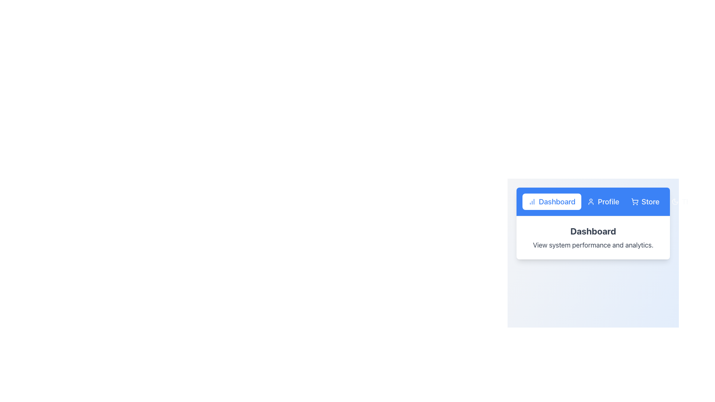 This screenshot has height=402, width=715. I want to click on the shopping cart icon located in the 'Store' segment of the horizontal navigation bar, which is the third graphical shape among its siblings, so click(634, 200).